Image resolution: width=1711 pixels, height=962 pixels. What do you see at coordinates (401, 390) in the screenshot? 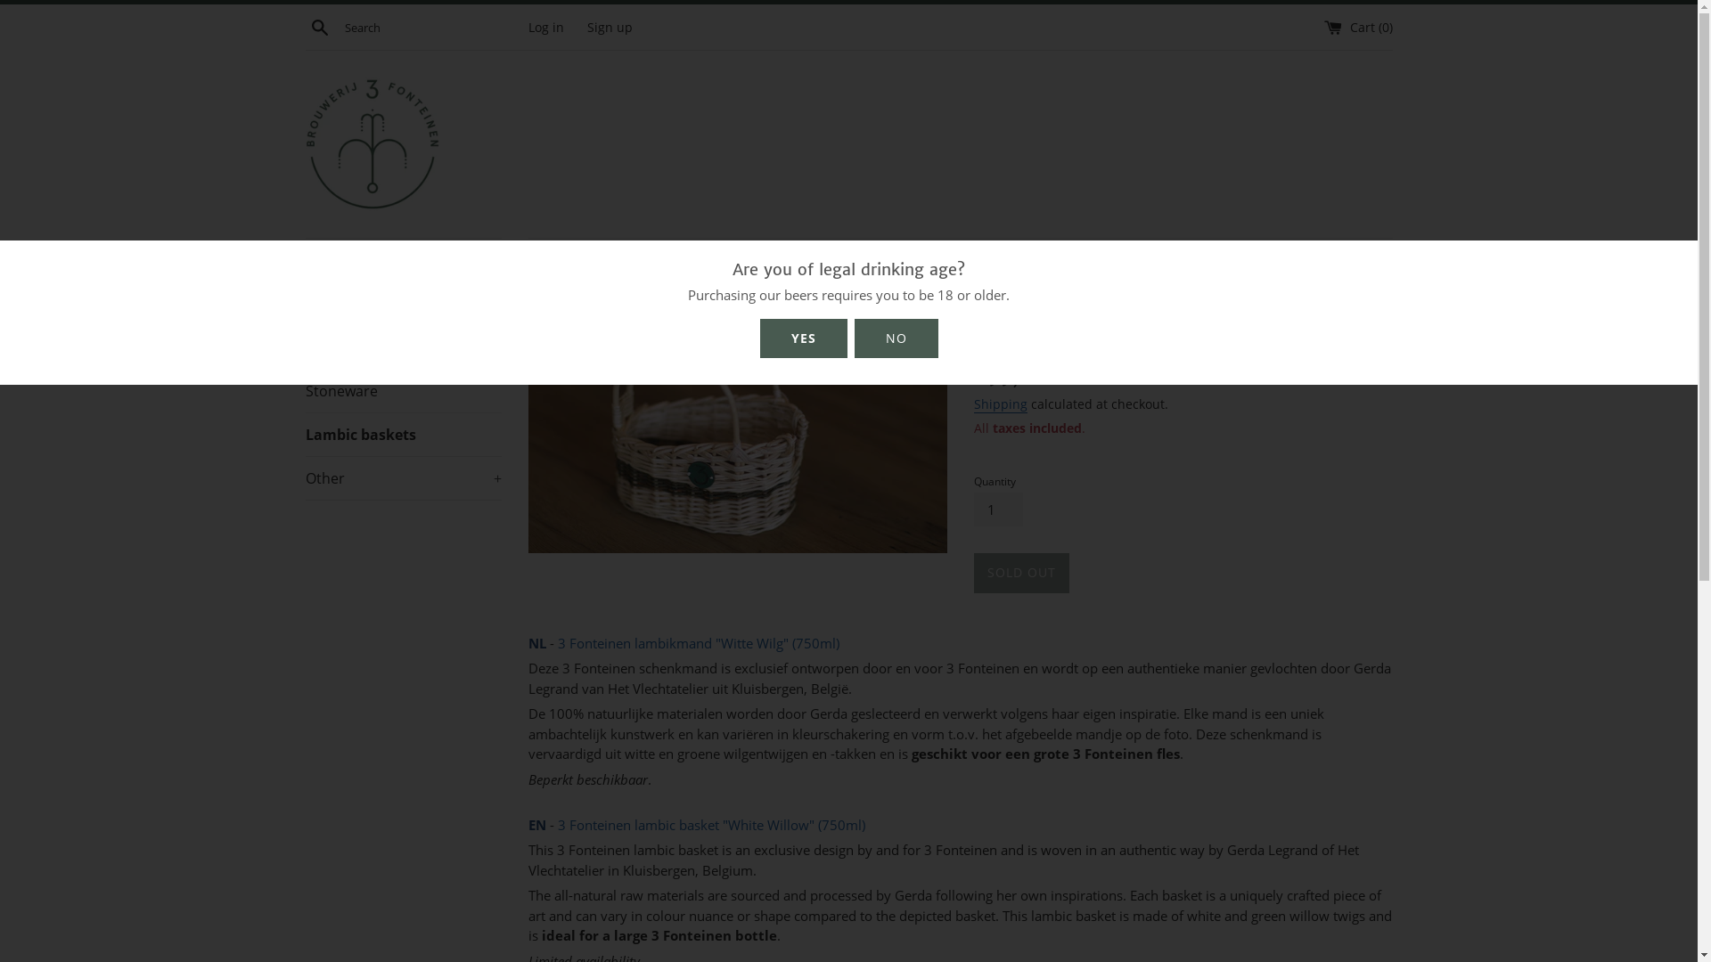
I see `'Stoneware'` at bounding box center [401, 390].